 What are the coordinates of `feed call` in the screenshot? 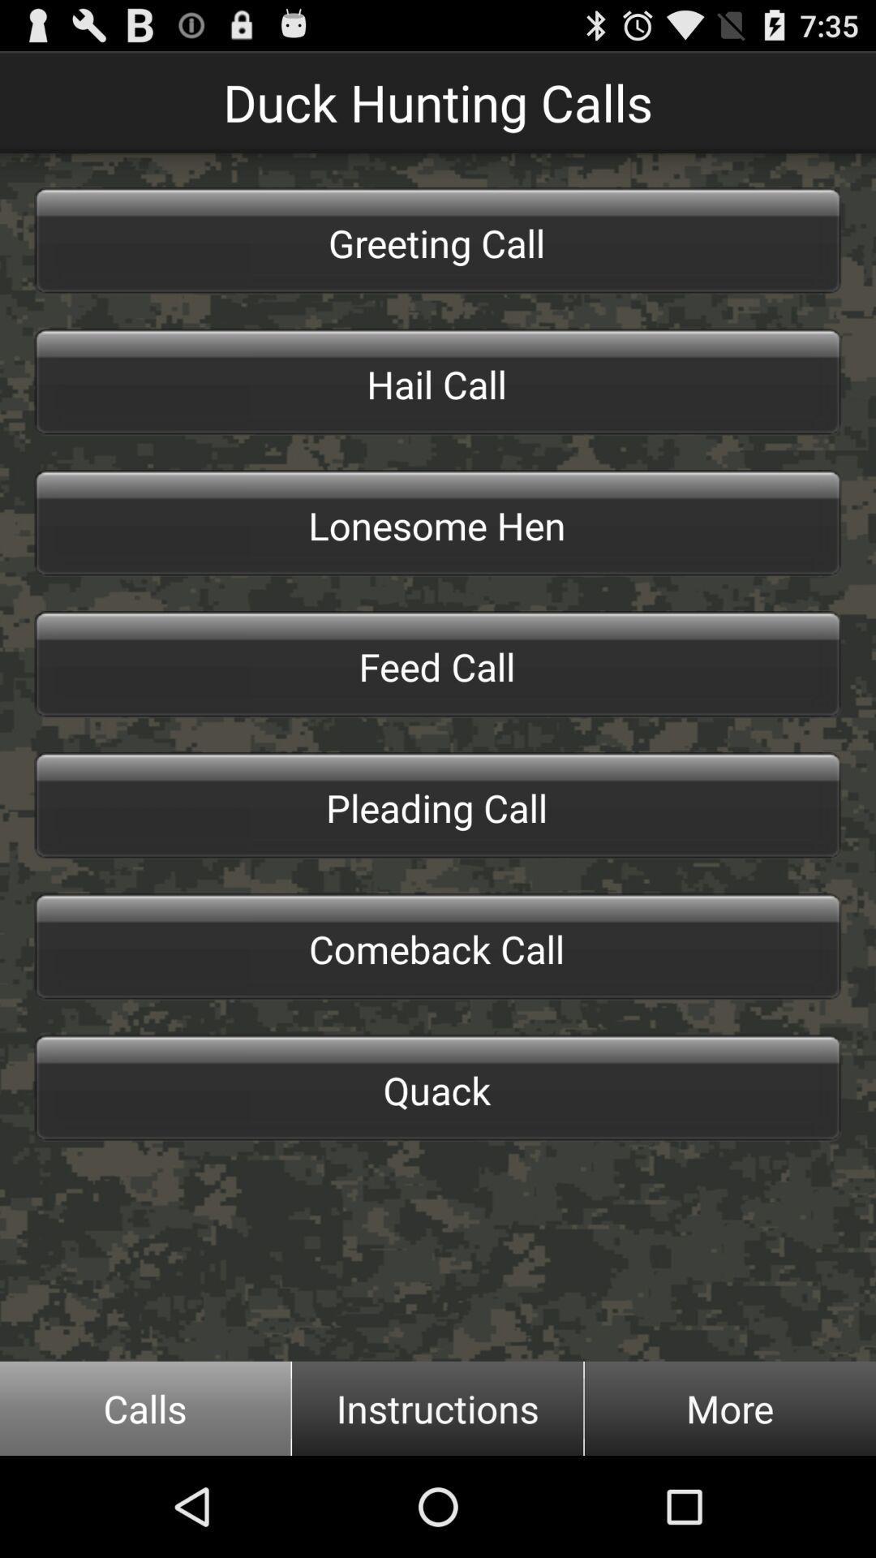 It's located at (438, 665).